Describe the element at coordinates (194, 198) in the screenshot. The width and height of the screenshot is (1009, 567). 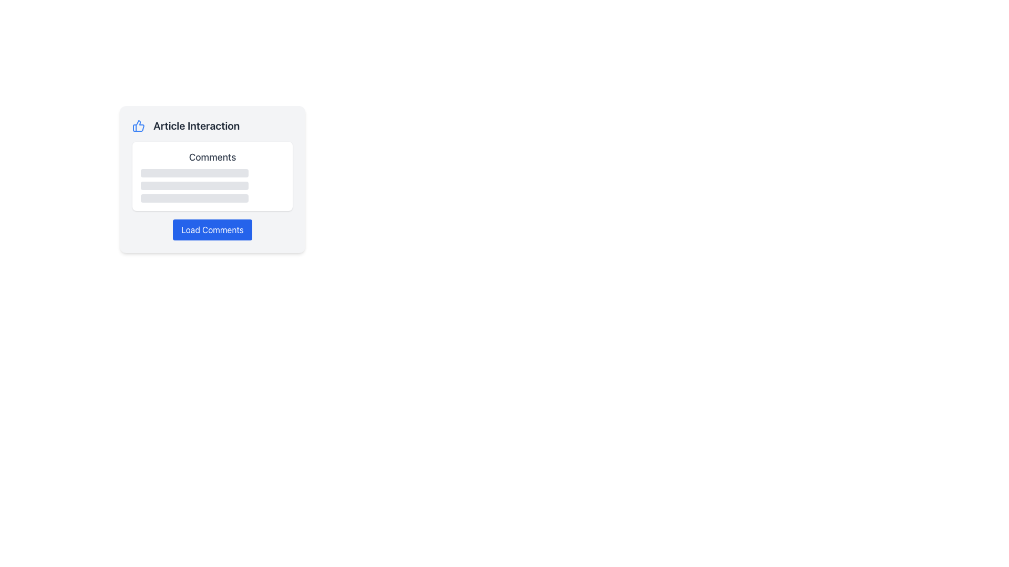
I see `the third gray bar in the 'Comments' card, which serves as a visual placeholder for loading content` at that location.